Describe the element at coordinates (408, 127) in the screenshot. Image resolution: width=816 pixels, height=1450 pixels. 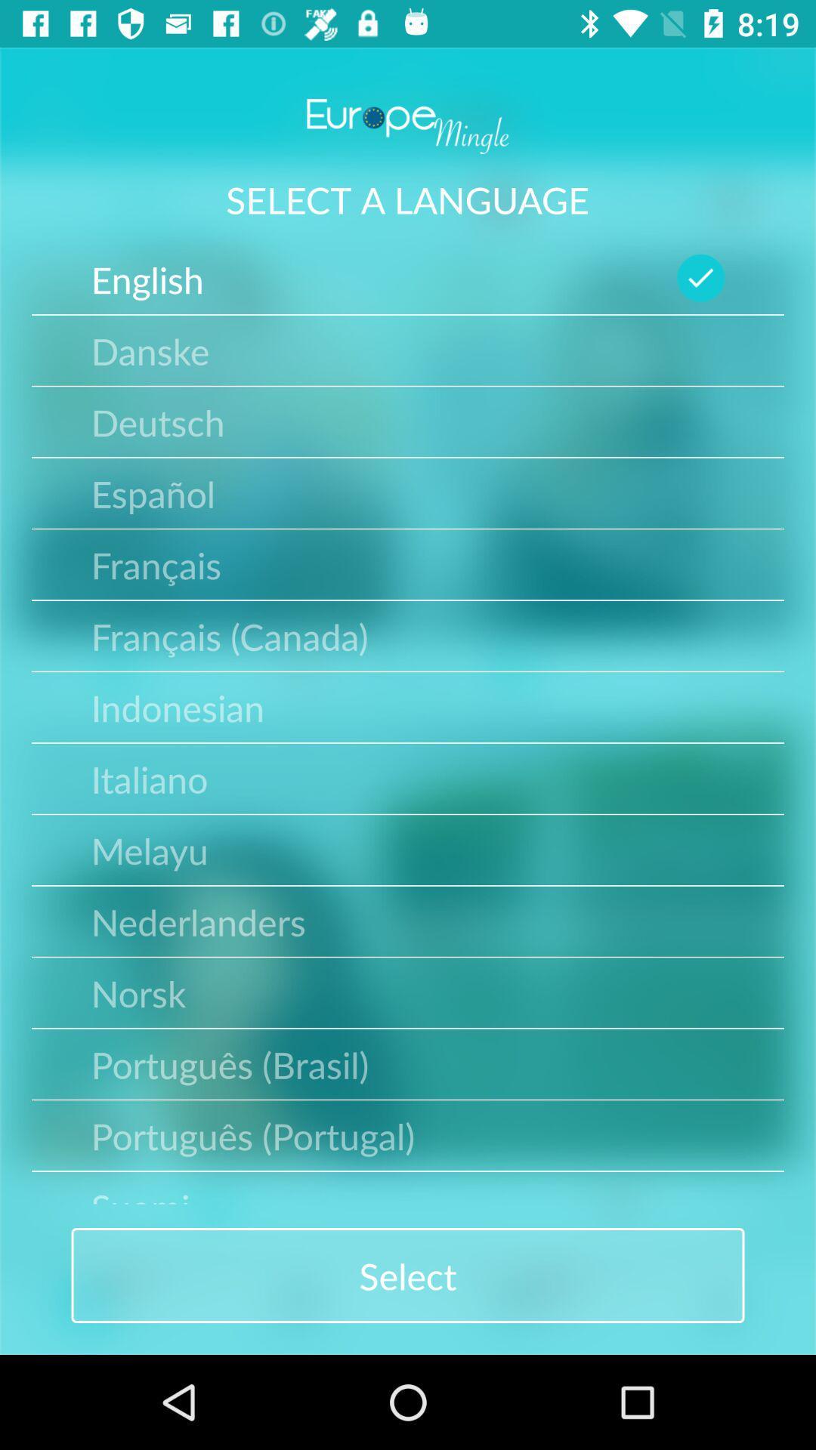
I see `europe mingle` at that location.